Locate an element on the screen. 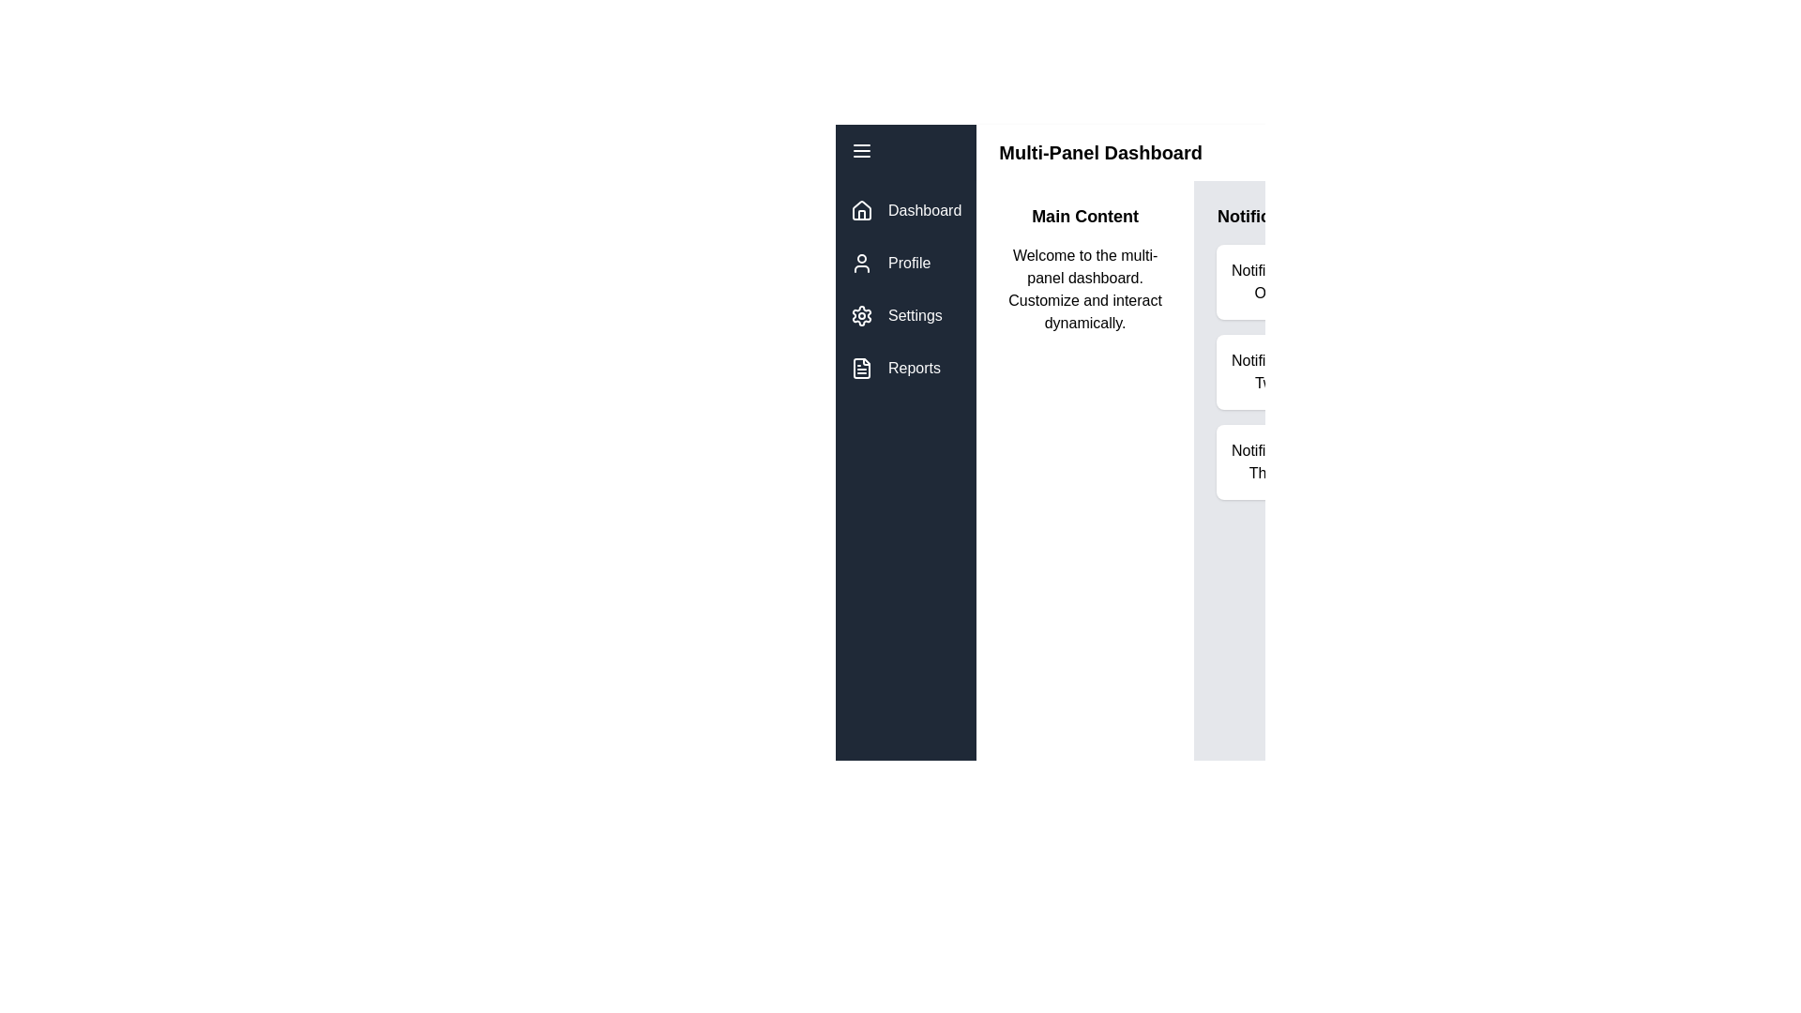 The height and width of the screenshot is (1013, 1801). the house-shaped icon in the sidebar navigation menu is located at coordinates (860, 210).